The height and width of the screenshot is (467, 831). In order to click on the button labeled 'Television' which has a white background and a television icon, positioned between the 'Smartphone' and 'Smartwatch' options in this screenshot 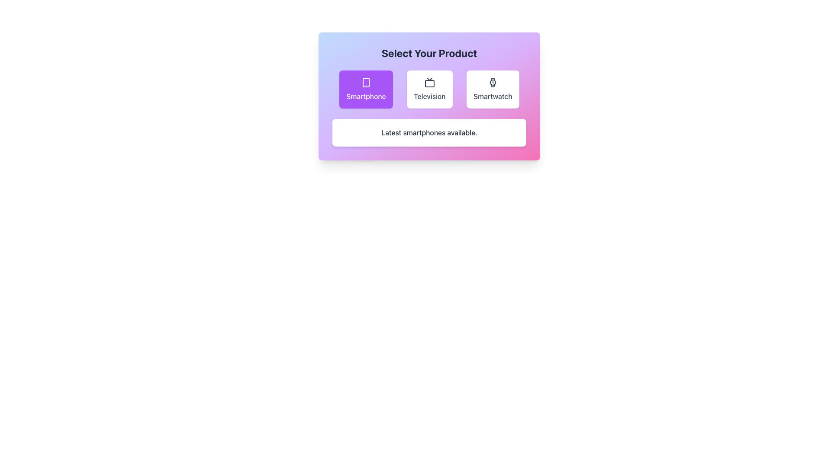, I will do `click(429, 90)`.